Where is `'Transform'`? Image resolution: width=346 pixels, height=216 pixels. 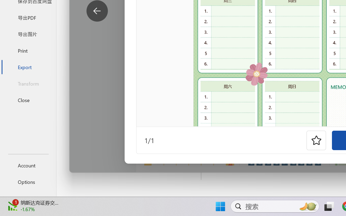
'Transform' is located at coordinates (28, 83).